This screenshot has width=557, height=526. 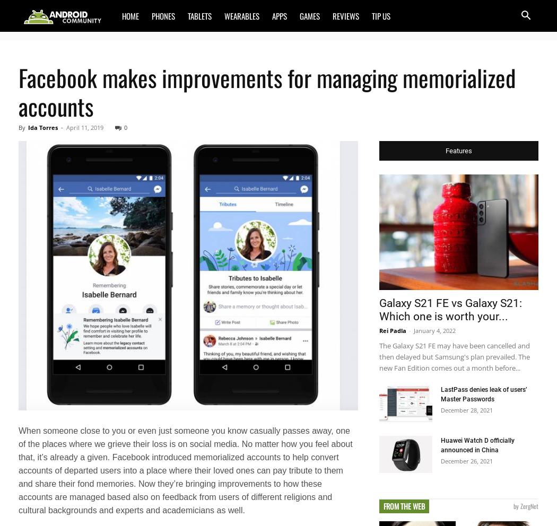 I want to click on 'From the Web', so click(x=404, y=505).